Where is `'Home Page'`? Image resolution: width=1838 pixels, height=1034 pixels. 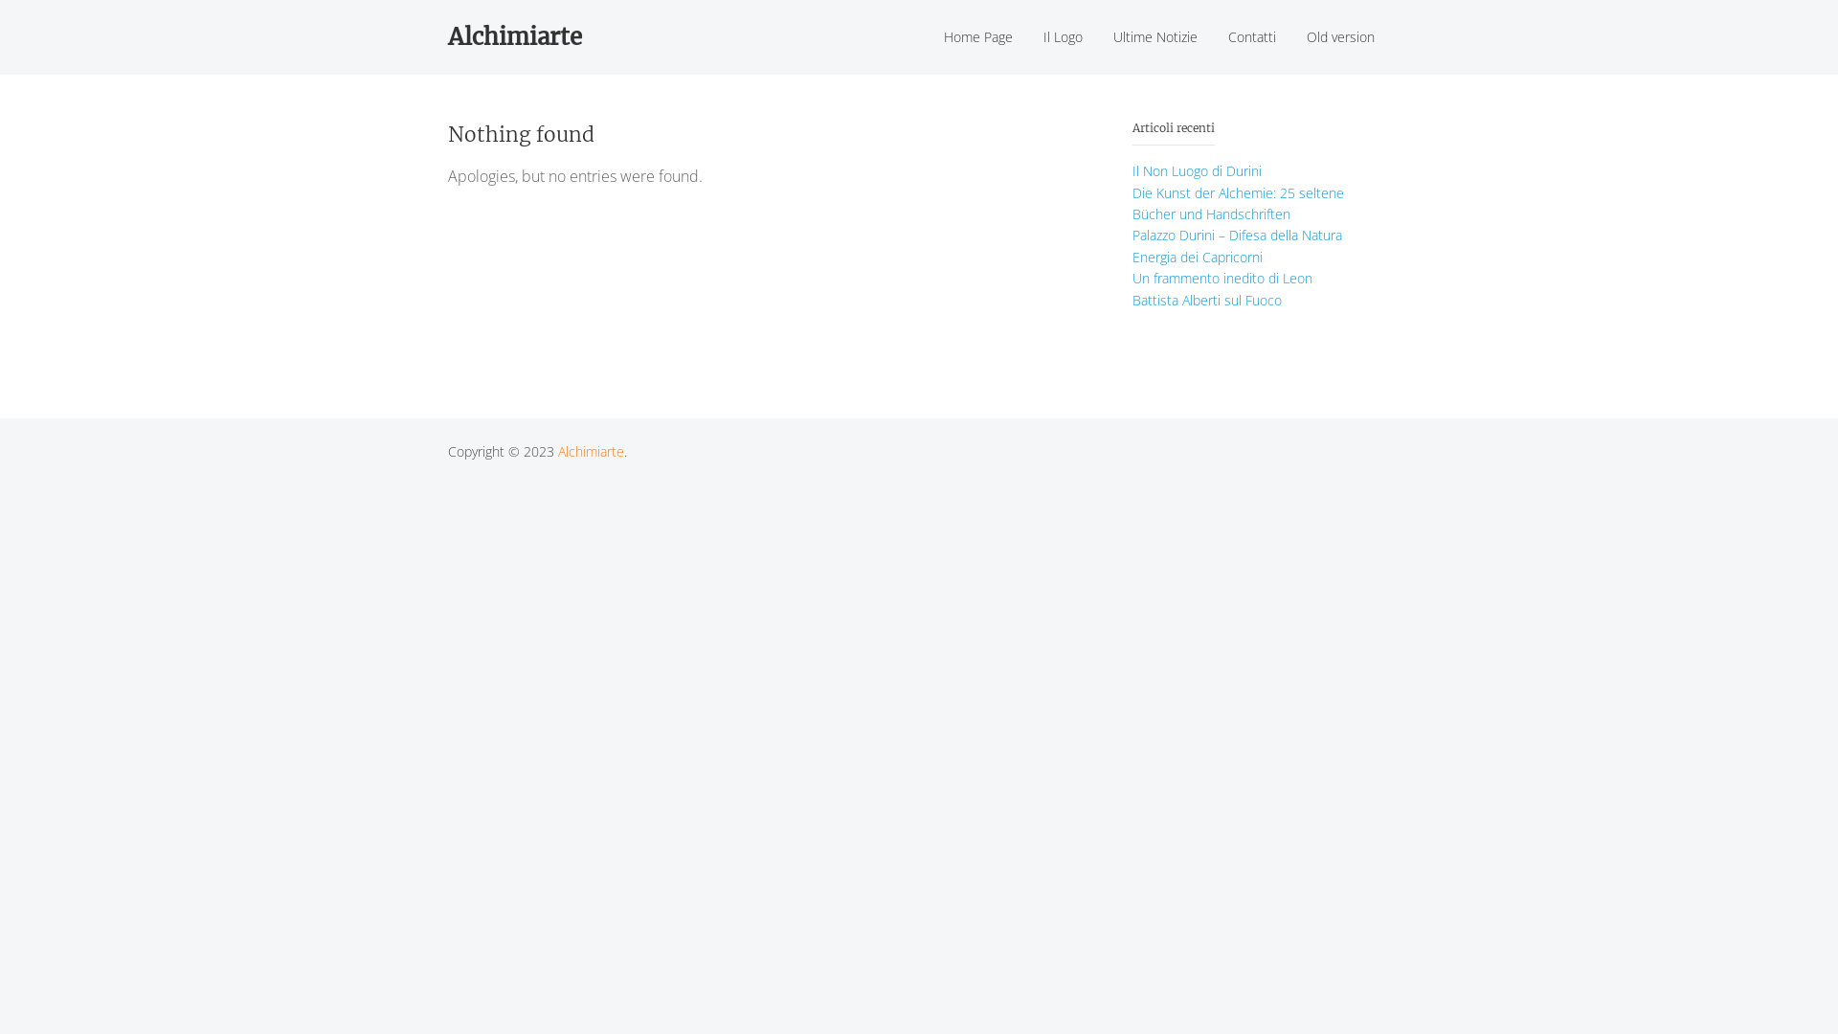
'Home Page' is located at coordinates (978, 36).